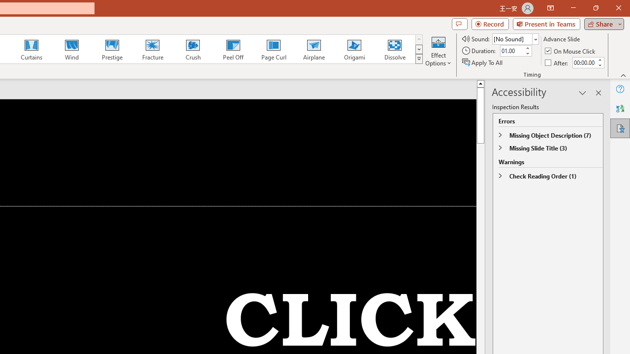  I want to click on 'Peel Off', so click(232, 49).